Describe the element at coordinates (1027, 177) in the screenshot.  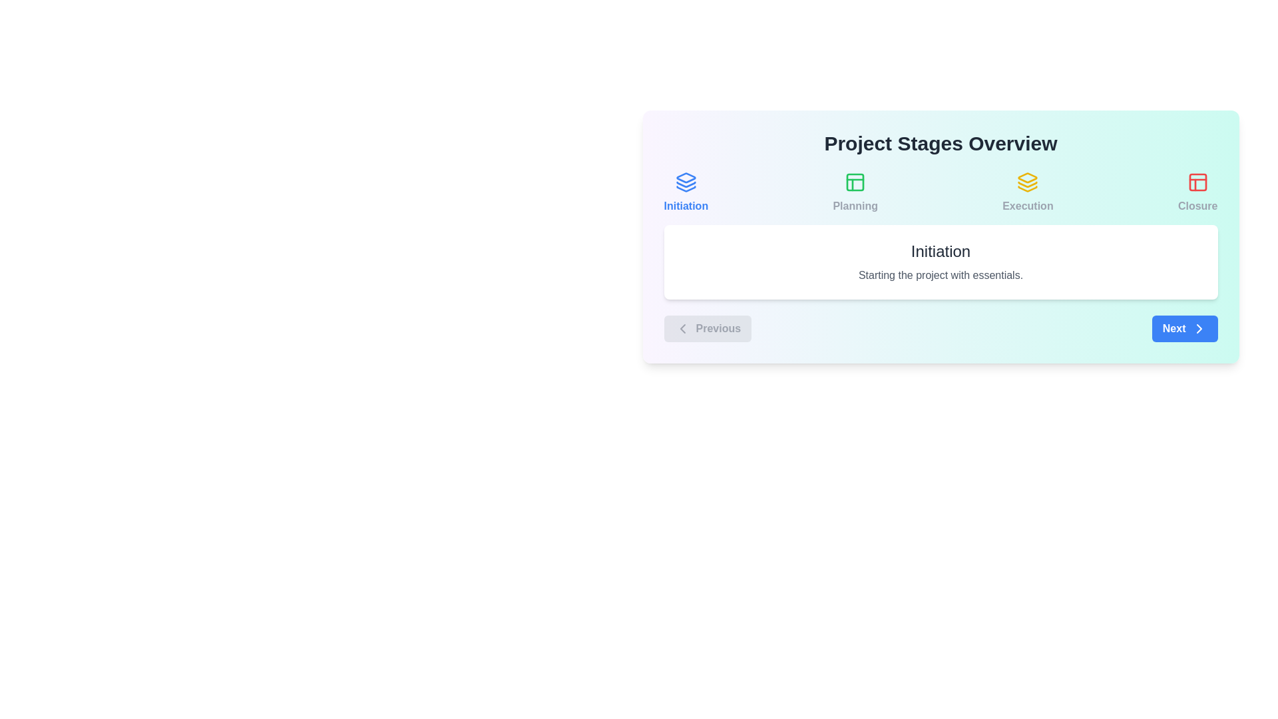
I see `the triangular-shaped yellow graphical icon element located in the middle layer of the stacked icon in the top-left part of the UI, which is part of the 'Initiation' project stages header` at that location.